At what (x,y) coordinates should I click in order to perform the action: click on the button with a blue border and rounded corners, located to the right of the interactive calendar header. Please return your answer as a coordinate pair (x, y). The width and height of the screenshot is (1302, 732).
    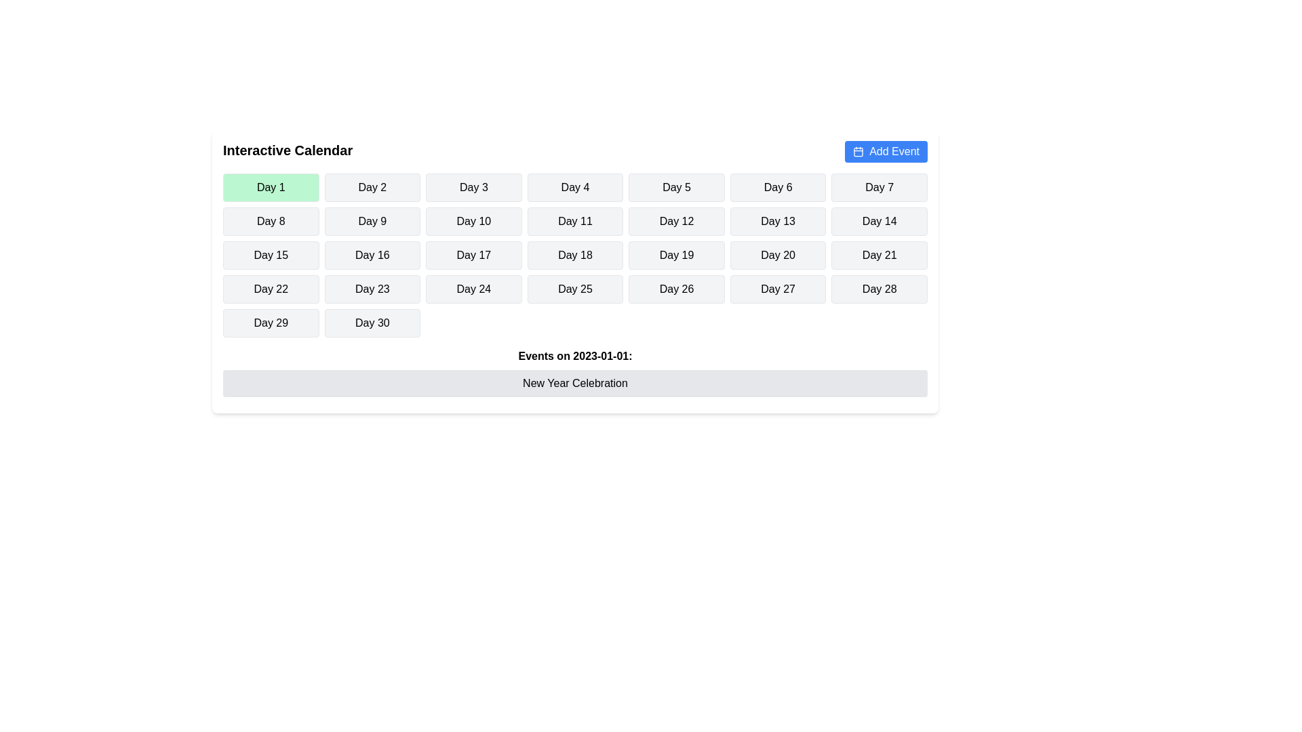
    Looking at the image, I should click on (858, 152).